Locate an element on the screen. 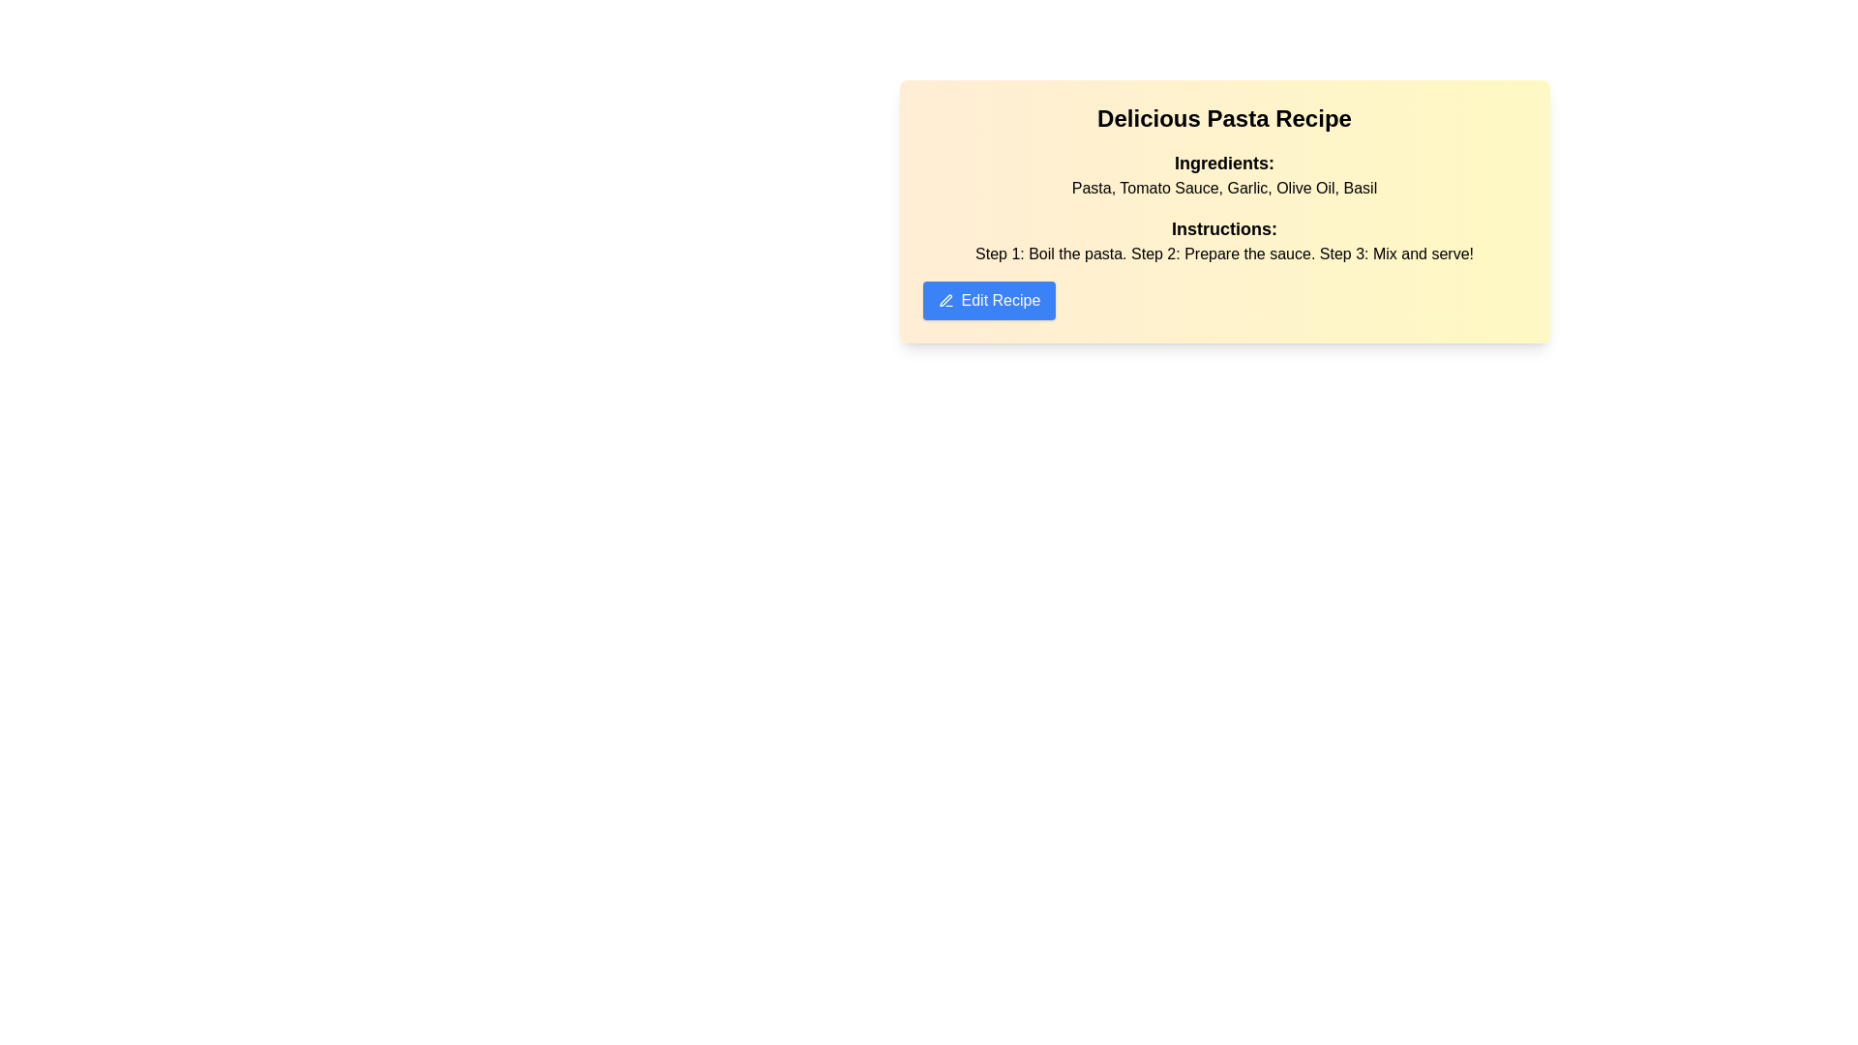 This screenshot has width=1858, height=1045. the text block displaying 'Ingredients:' and the list of items is located at coordinates (1223, 175).